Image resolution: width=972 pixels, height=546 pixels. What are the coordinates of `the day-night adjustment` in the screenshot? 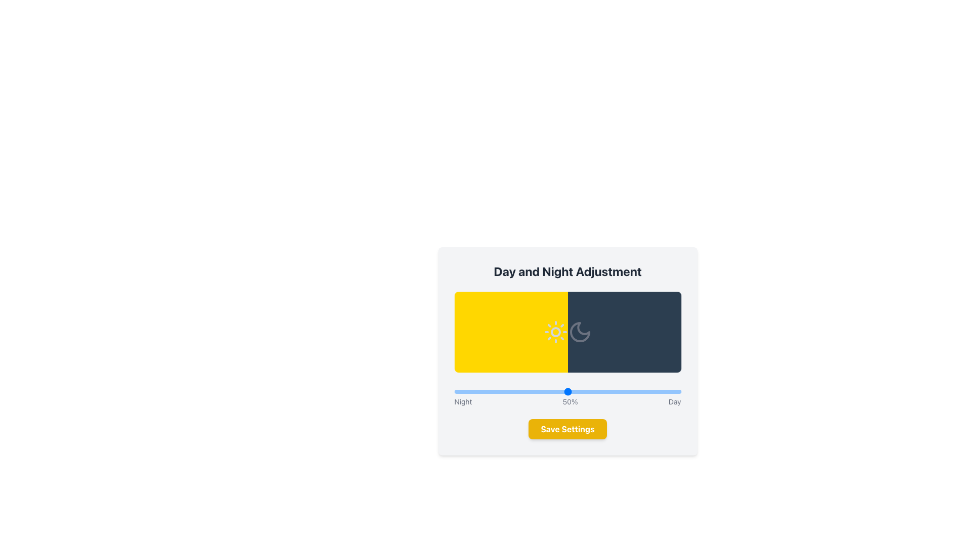 It's located at (476, 391).